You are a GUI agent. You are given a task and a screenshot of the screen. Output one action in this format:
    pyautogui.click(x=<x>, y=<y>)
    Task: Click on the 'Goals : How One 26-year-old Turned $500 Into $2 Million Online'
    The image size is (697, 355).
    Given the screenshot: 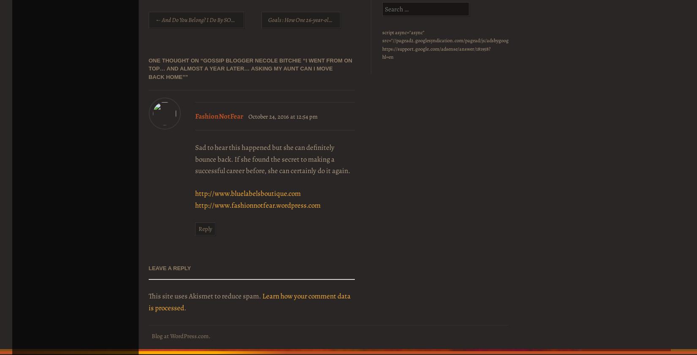 What is the action you would take?
    pyautogui.click(x=339, y=19)
    